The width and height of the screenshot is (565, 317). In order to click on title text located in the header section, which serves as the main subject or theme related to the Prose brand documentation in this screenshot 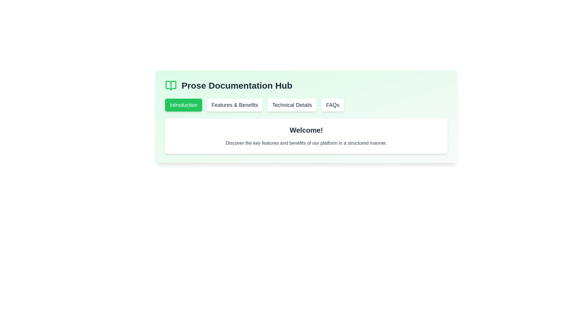, I will do `click(237, 86)`.